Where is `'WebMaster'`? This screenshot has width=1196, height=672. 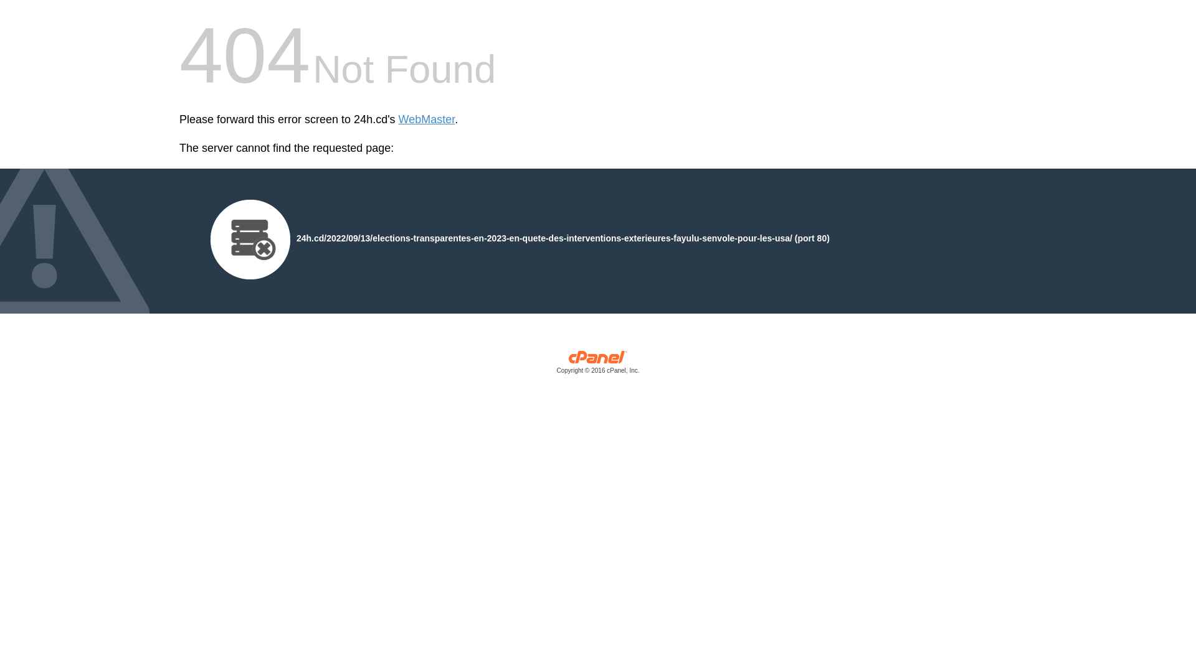
'WebMaster' is located at coordinates (397, 119).